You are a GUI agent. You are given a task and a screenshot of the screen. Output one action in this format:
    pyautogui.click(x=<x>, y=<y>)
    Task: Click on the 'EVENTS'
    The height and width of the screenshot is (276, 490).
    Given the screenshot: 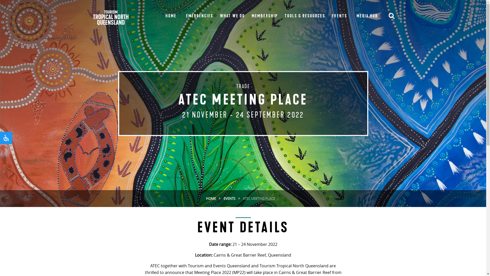 What is the action you would take?
    pyautogui.click(x=229, y=199)
    